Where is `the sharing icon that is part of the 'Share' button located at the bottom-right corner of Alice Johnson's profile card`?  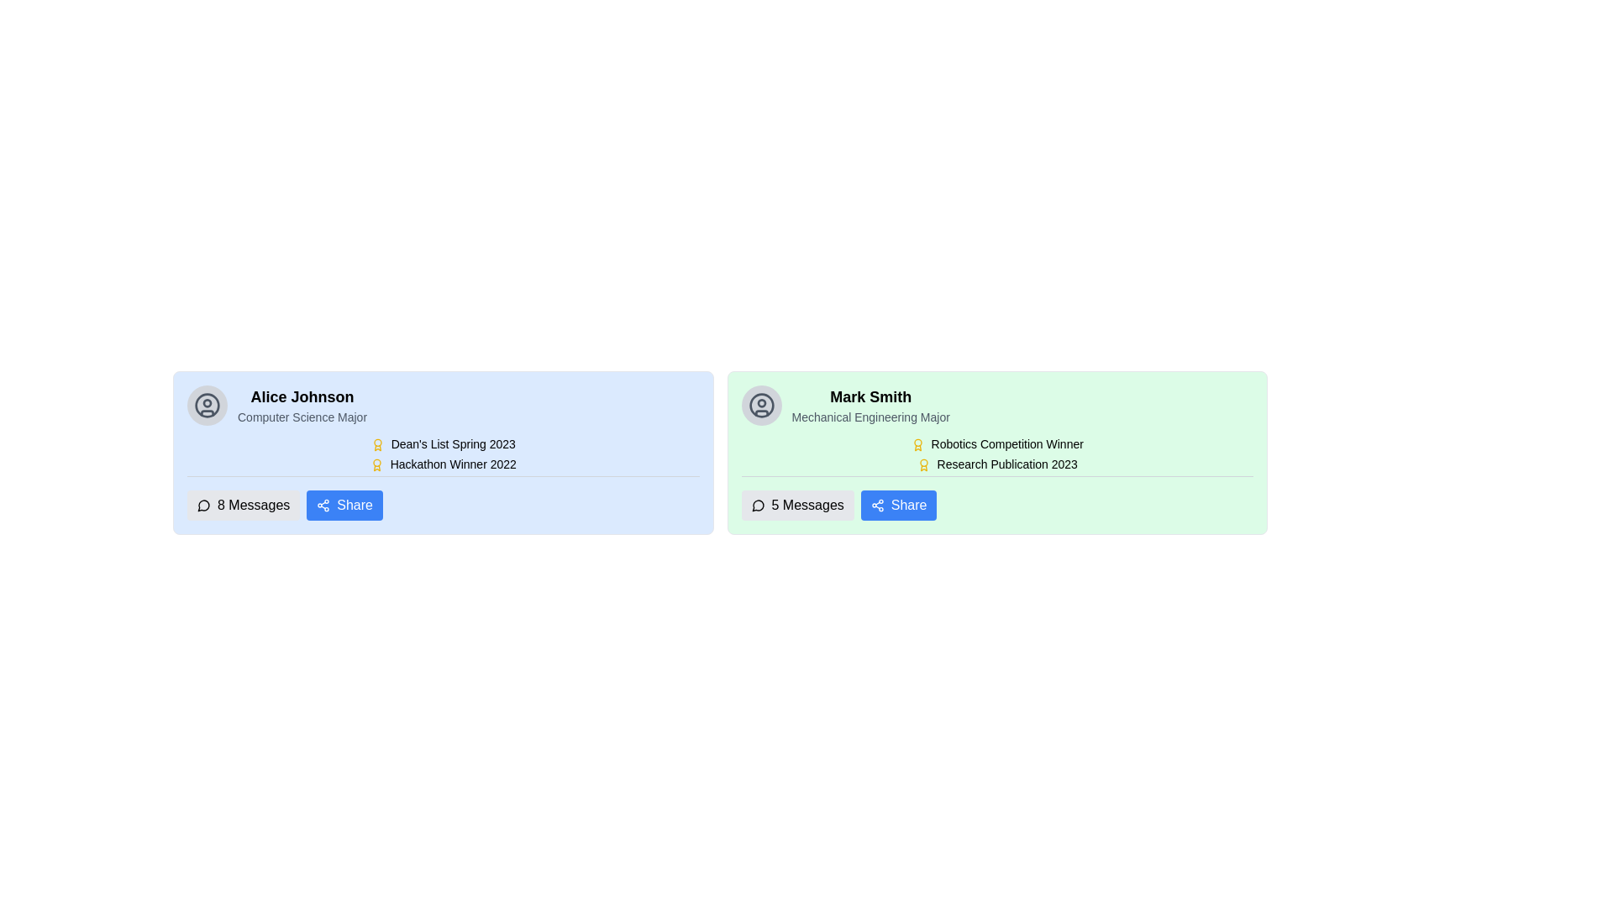
the sharing icon that is part of the 'Share' button located at the bottom-right corner of Alice Johnson's profile card is located at coordinates (323, 504).